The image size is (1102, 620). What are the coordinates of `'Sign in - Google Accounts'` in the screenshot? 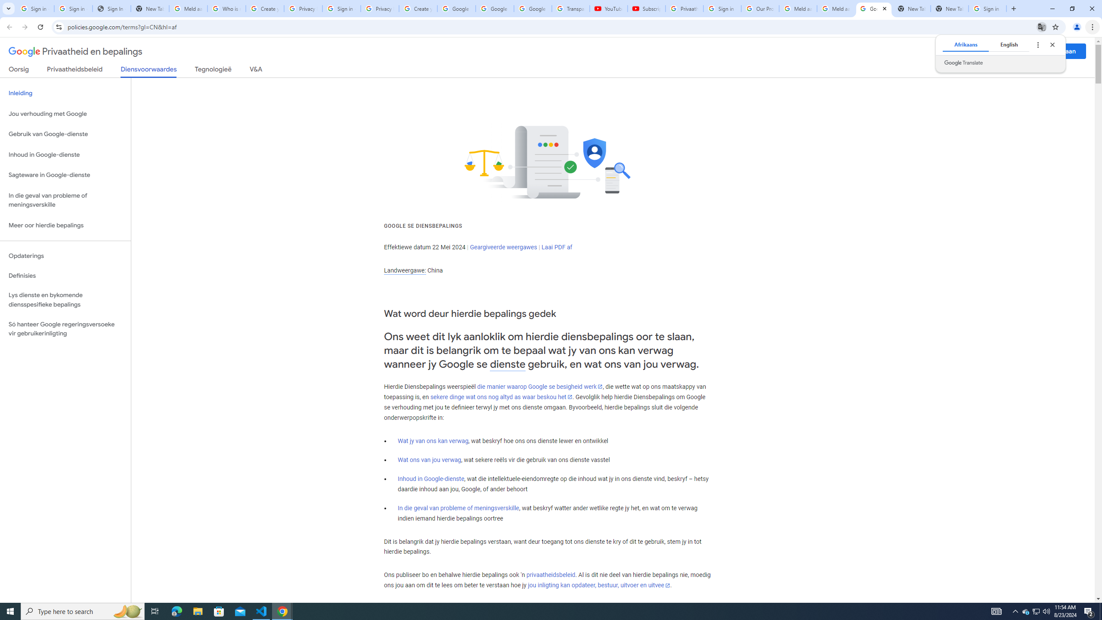 It's located at (722, 8).